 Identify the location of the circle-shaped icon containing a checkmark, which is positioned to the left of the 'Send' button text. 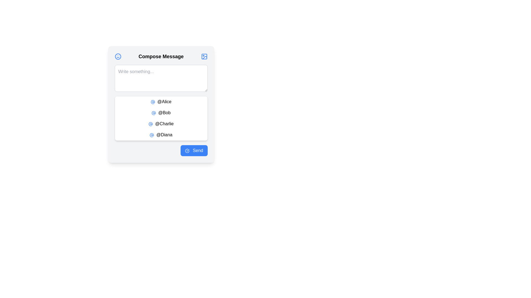
(187, 151).